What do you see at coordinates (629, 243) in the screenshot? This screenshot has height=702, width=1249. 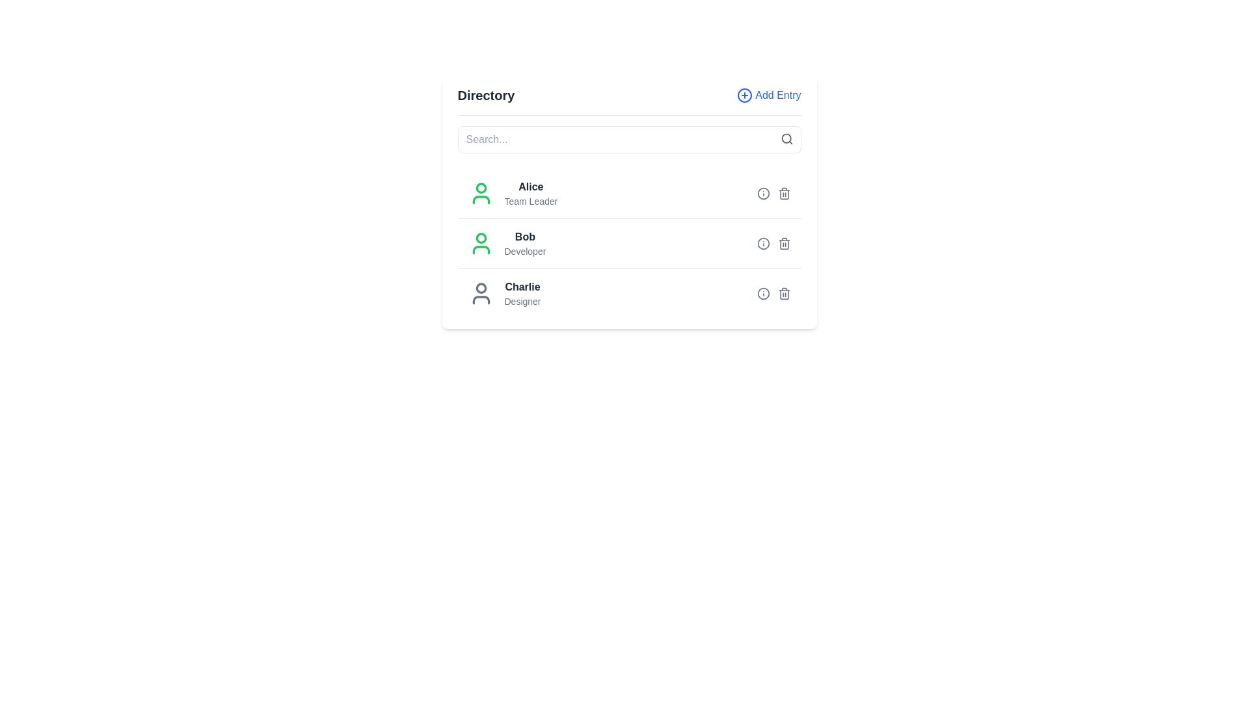 I see `the interactive elements within the Profile entry row for 'Bob - Developer', which is positioned between 'Alice - Team Leader' and 'Charlie - Designer'` at bounding box center [629, 243].